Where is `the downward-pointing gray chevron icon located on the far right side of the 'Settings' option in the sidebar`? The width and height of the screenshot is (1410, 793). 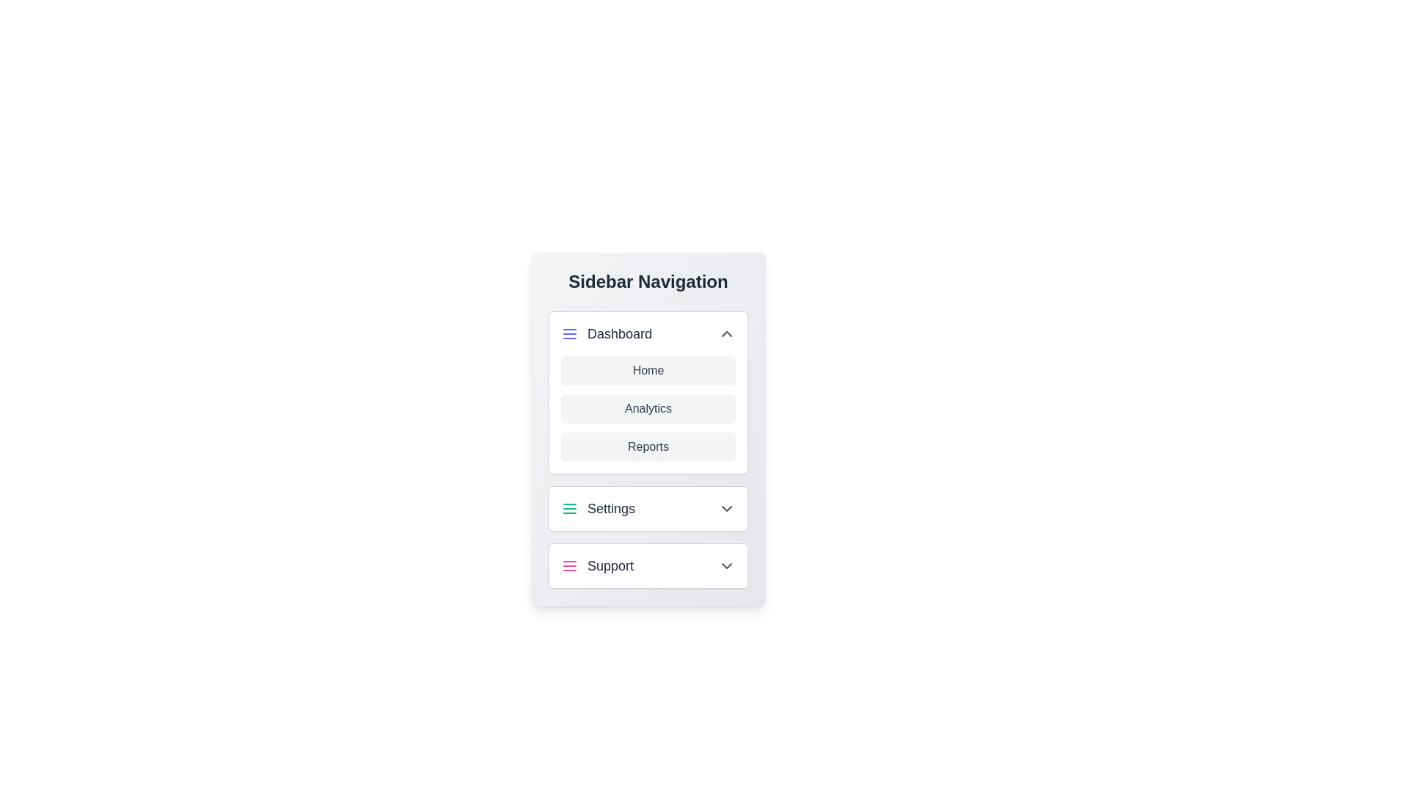 the downward-pointing gray chevron icon located on the far right side of the 'Settings' option in the sidebar is located at coordinates (726, 508).